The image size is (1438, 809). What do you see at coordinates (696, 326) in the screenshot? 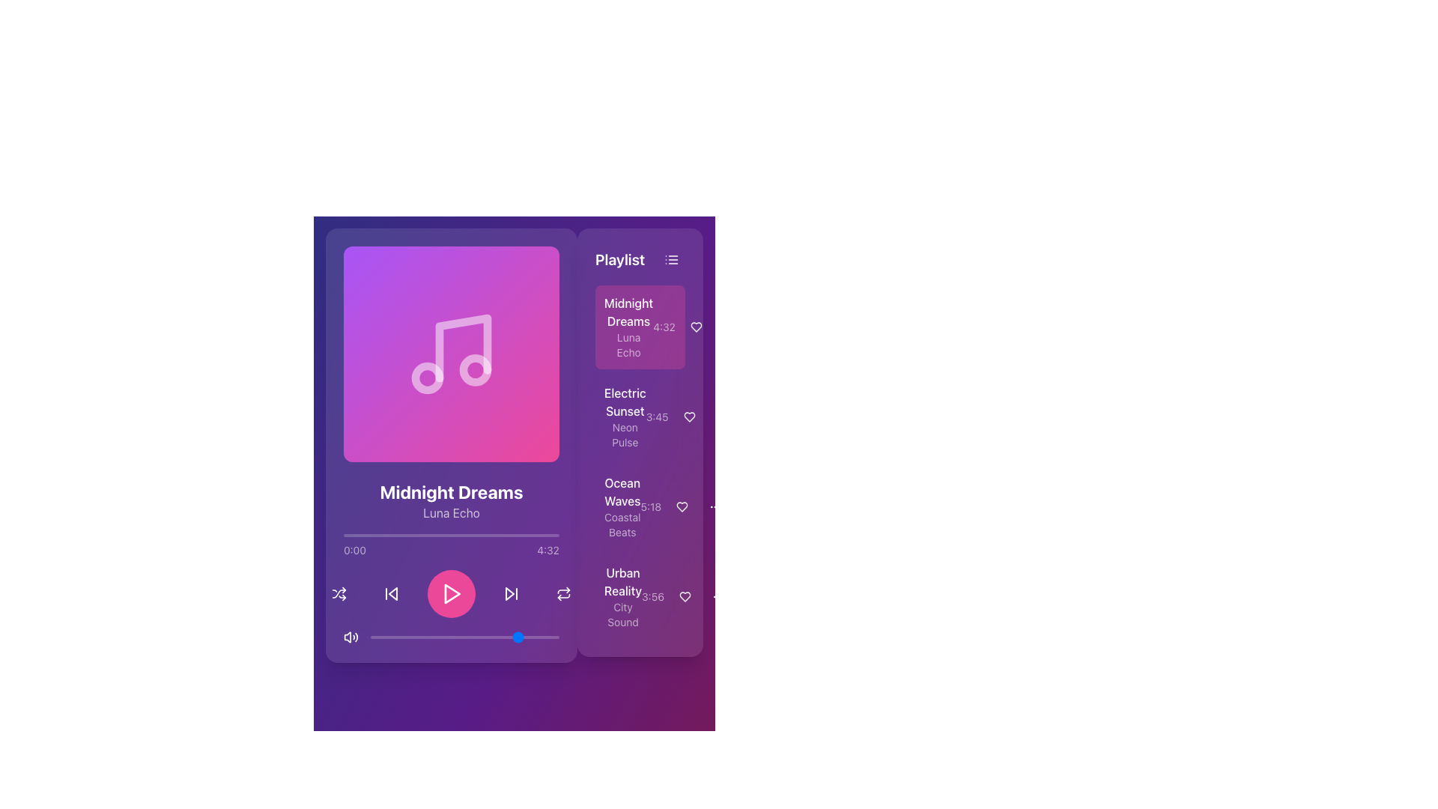
I see `the small circular button with a heart-shaped icon located to the right of the text '4:32' to observe its hover effect` at bounding box center [696, 326].